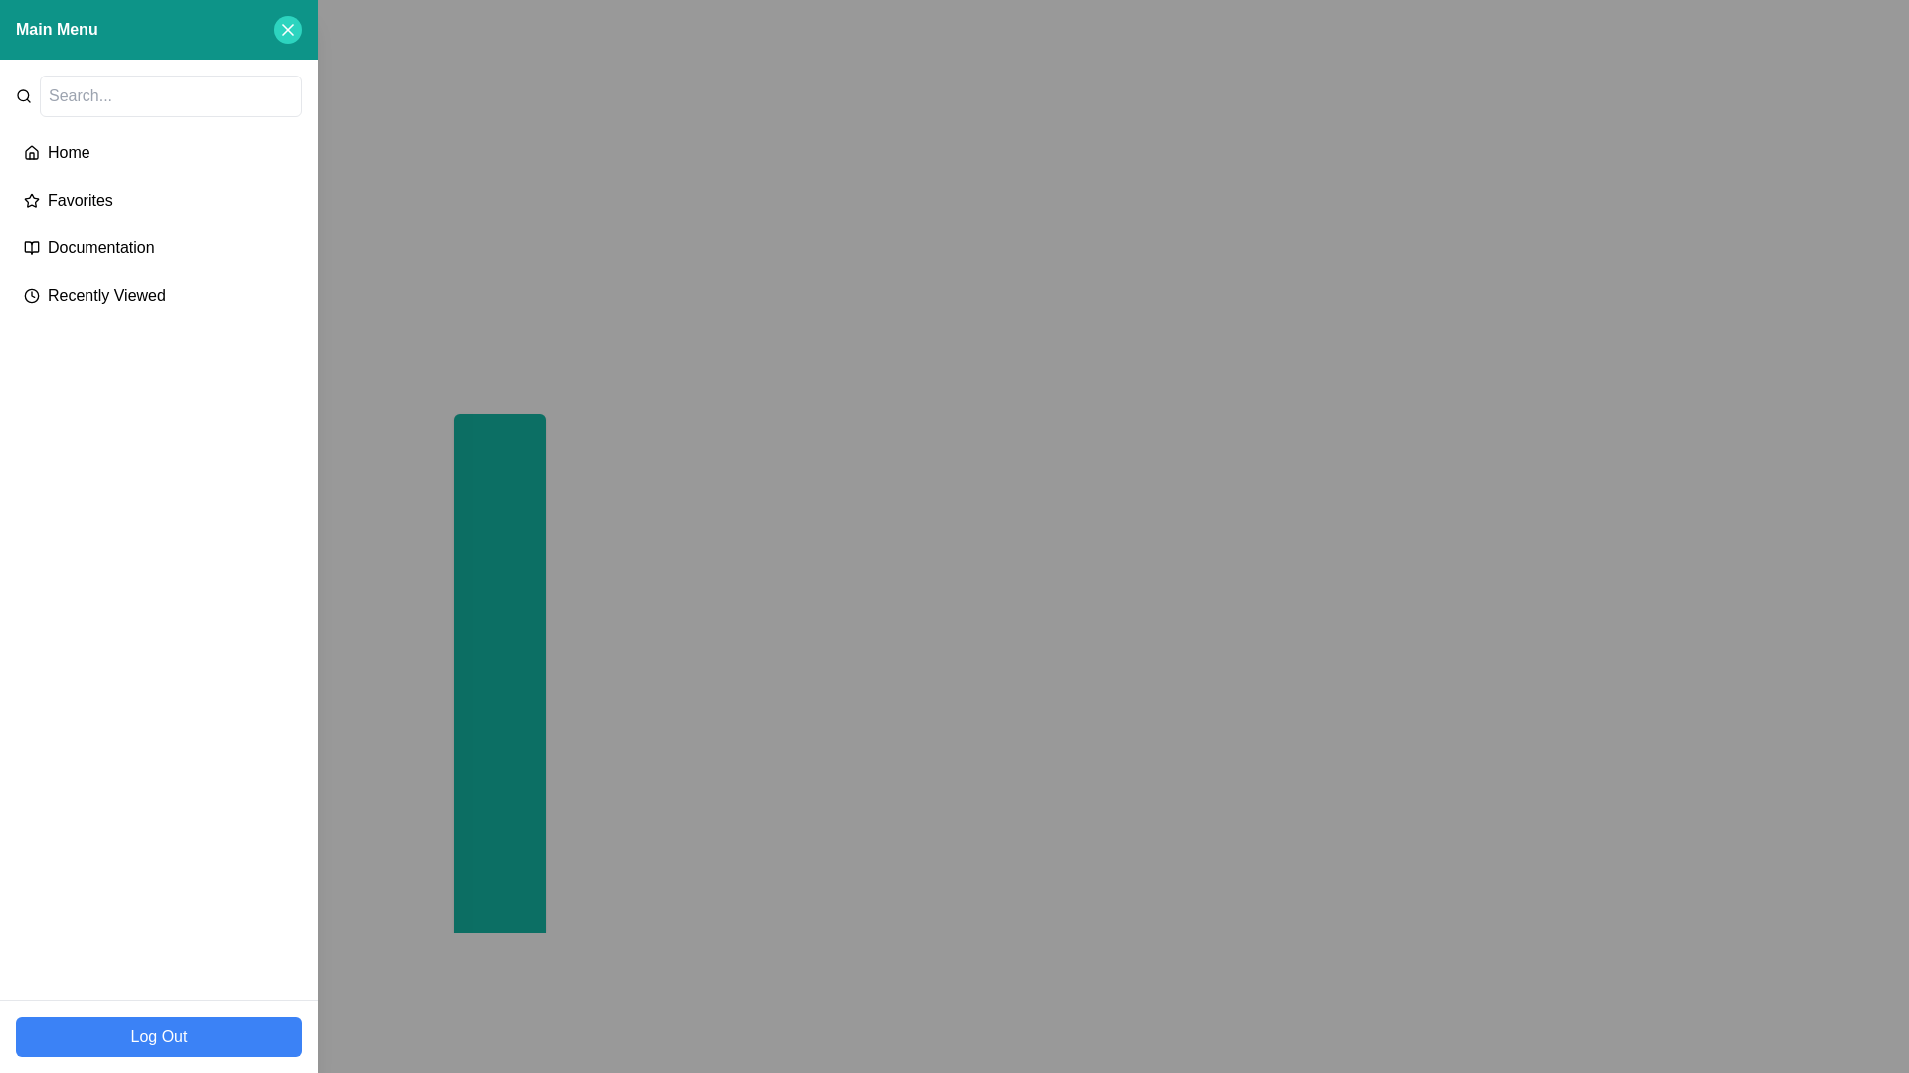 The width and height of the screenshot is (1909, 1073). Describe the element at coordinates (32, 152) in the screenshot. I see `the home icon located in the Main Menu panel, positioned to the left of the 'Home' text label` at that location.